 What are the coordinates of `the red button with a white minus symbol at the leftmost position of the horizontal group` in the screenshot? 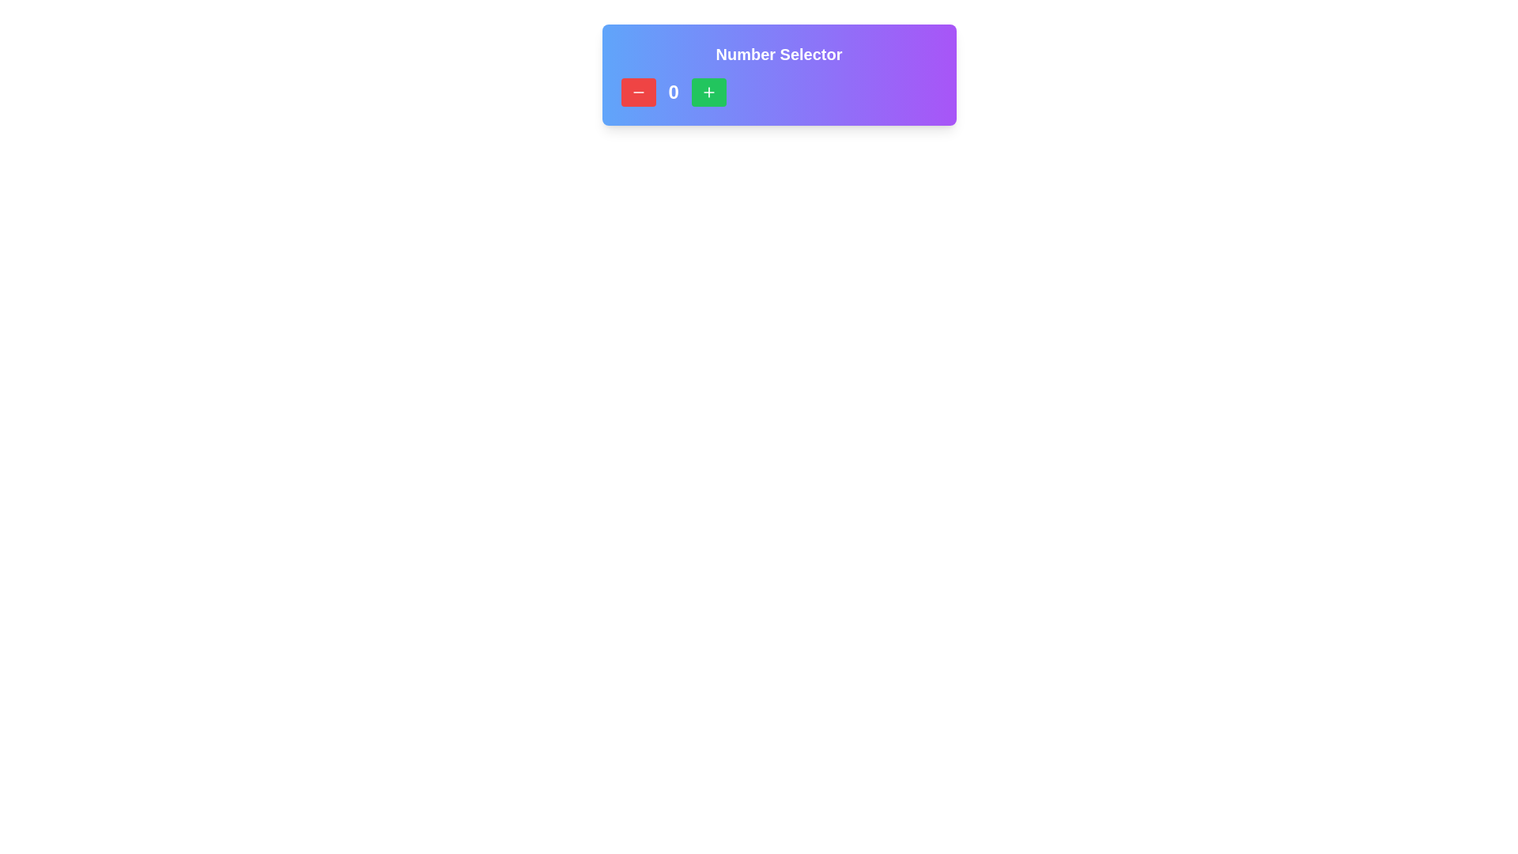 It's located at (638, 92).